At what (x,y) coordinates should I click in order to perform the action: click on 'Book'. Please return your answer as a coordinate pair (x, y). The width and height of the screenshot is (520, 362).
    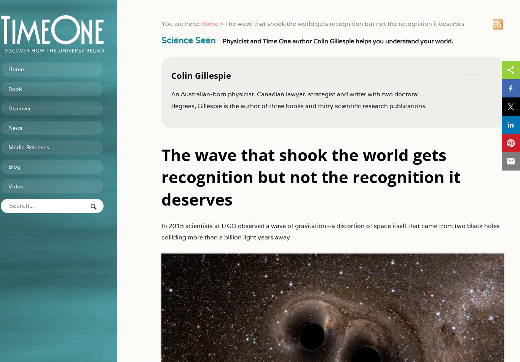
    Looking at the image, I should click on (27, 85).